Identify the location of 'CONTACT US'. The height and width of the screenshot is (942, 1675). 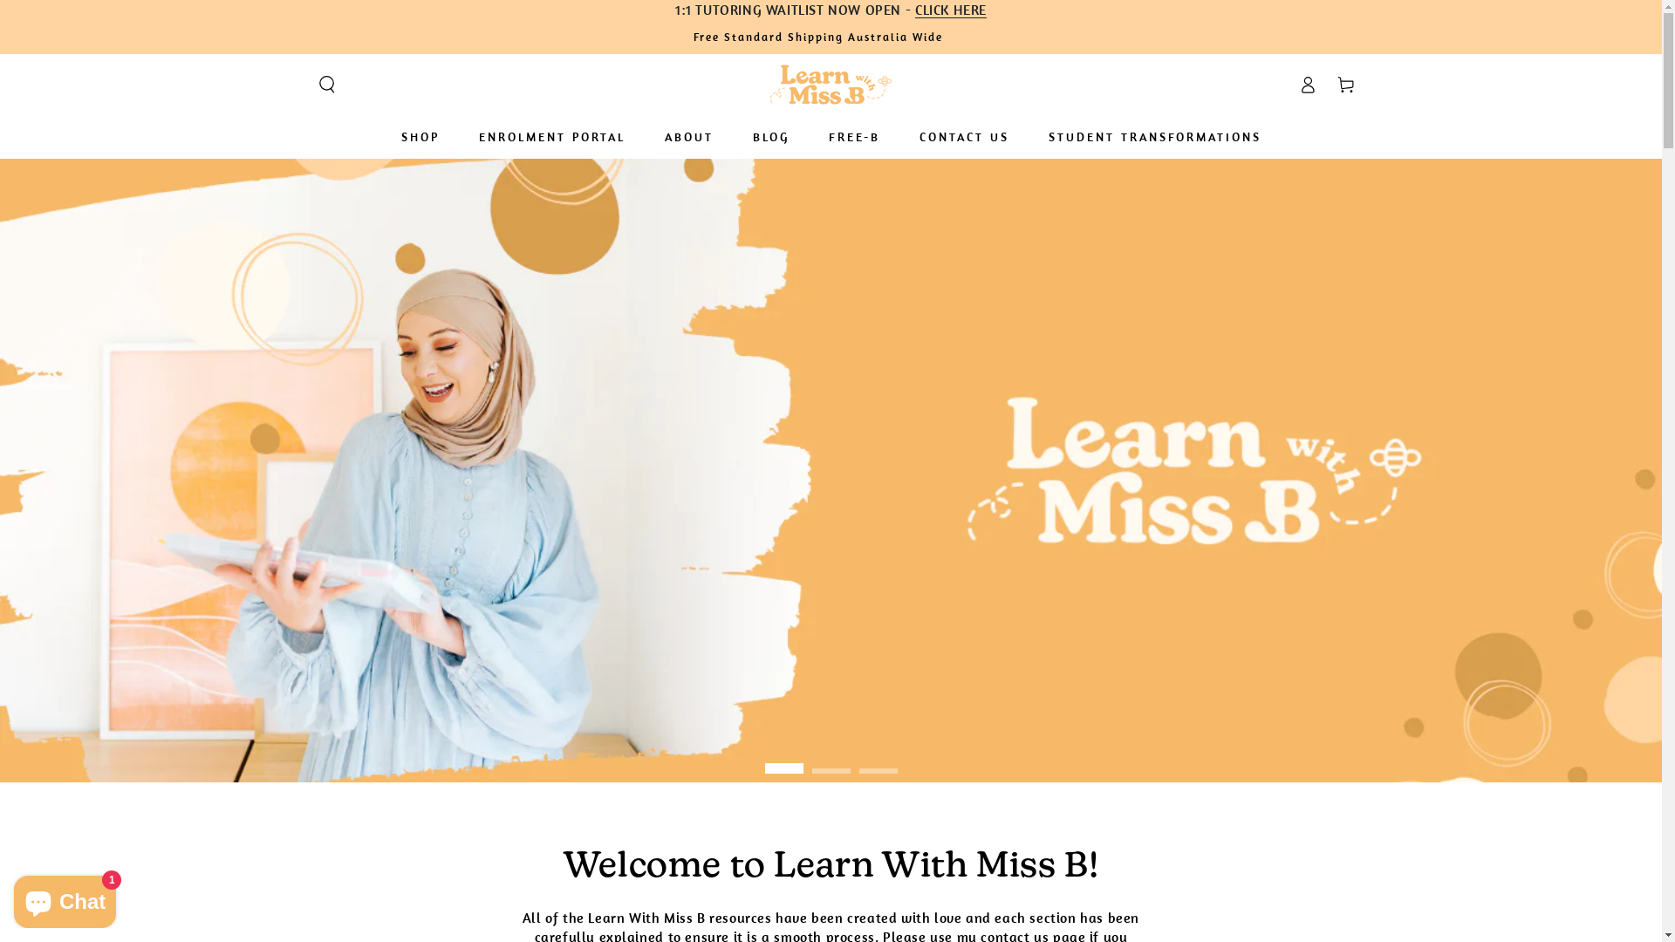
(962, 136).